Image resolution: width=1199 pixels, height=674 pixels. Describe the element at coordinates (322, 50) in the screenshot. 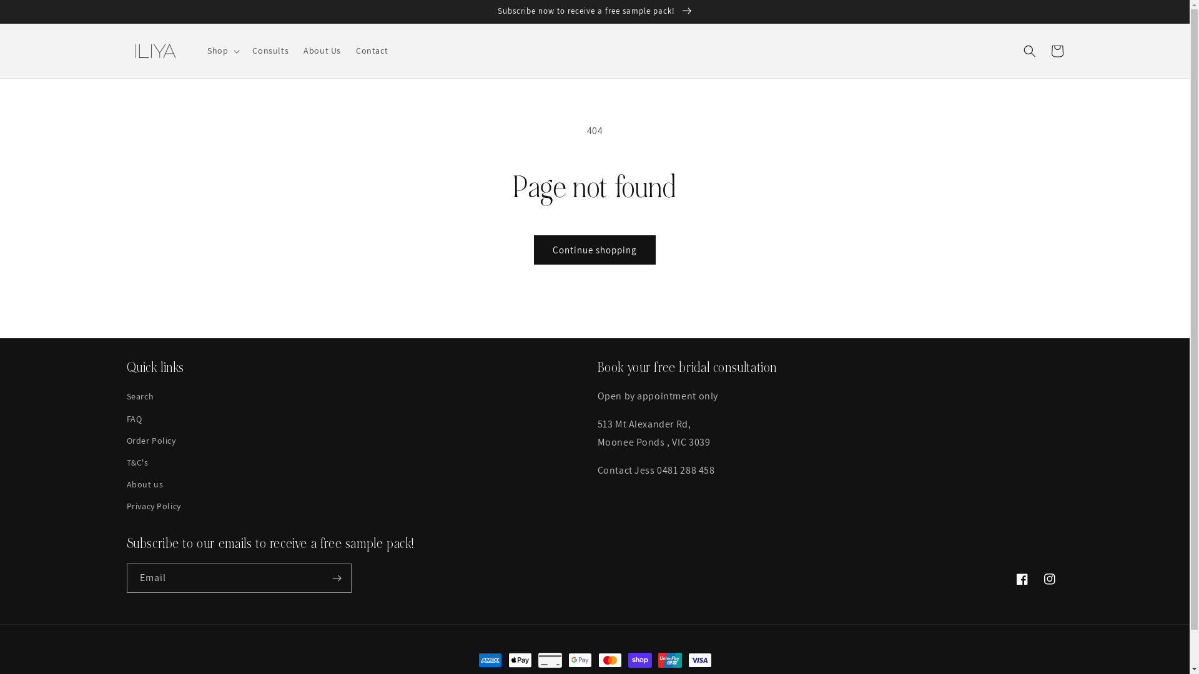

I see `'About Us'` at that location.